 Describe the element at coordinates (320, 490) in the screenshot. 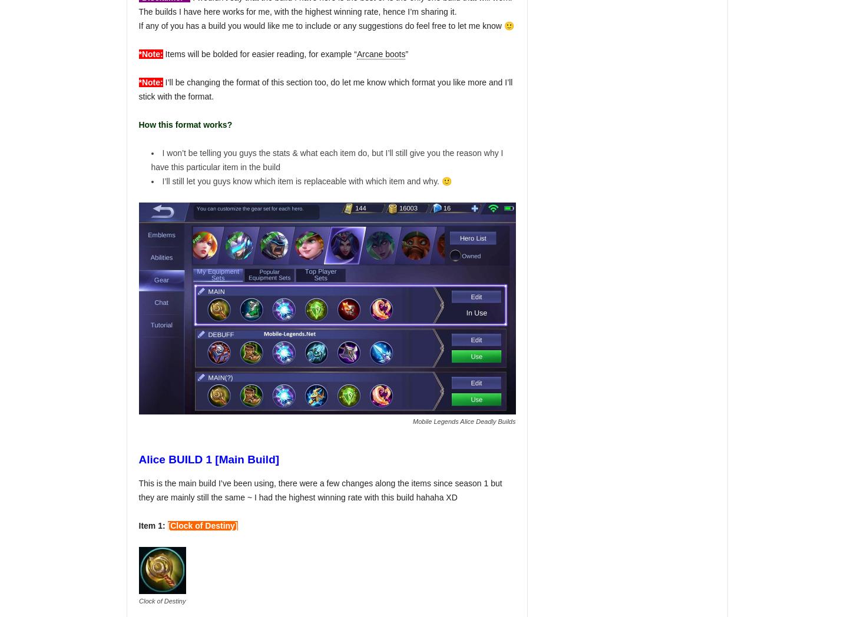

I see `'This is the main build I’ve been using, there were a few changes along the items since season 1 but they are mainly still the same ~ I had the highest winning rate with this build hahaha XD'` at that location.